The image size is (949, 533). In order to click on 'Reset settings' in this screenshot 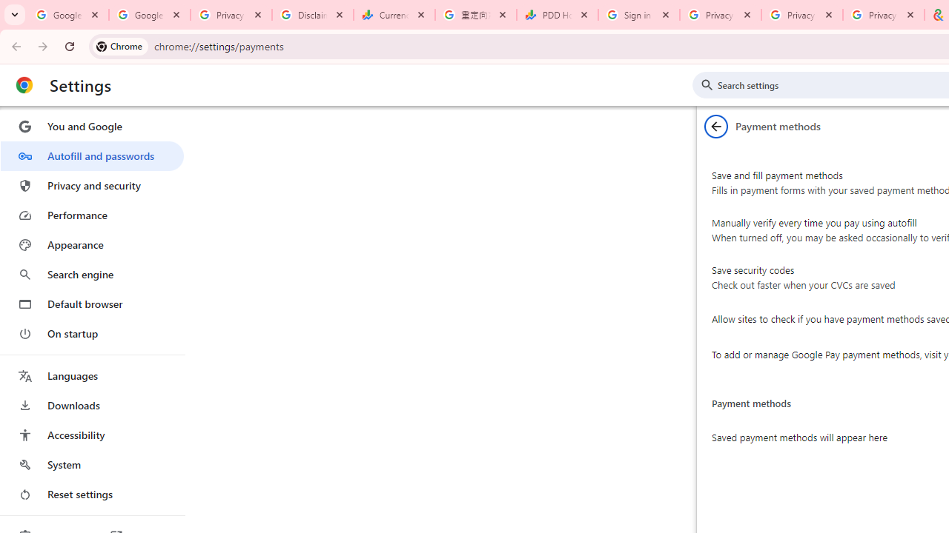, I will do `click(91, 495)`.